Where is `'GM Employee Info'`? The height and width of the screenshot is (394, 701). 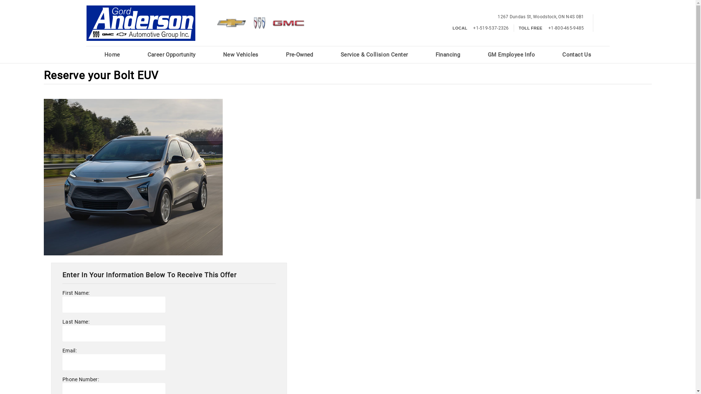 'GM Employee Info' is located at coordinates (511, 54).